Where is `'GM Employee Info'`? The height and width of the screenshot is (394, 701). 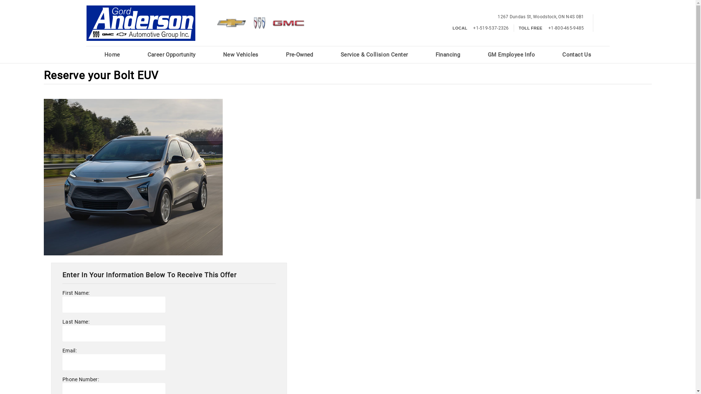 'GM Employee Info' is located at coordinates (511, 54).